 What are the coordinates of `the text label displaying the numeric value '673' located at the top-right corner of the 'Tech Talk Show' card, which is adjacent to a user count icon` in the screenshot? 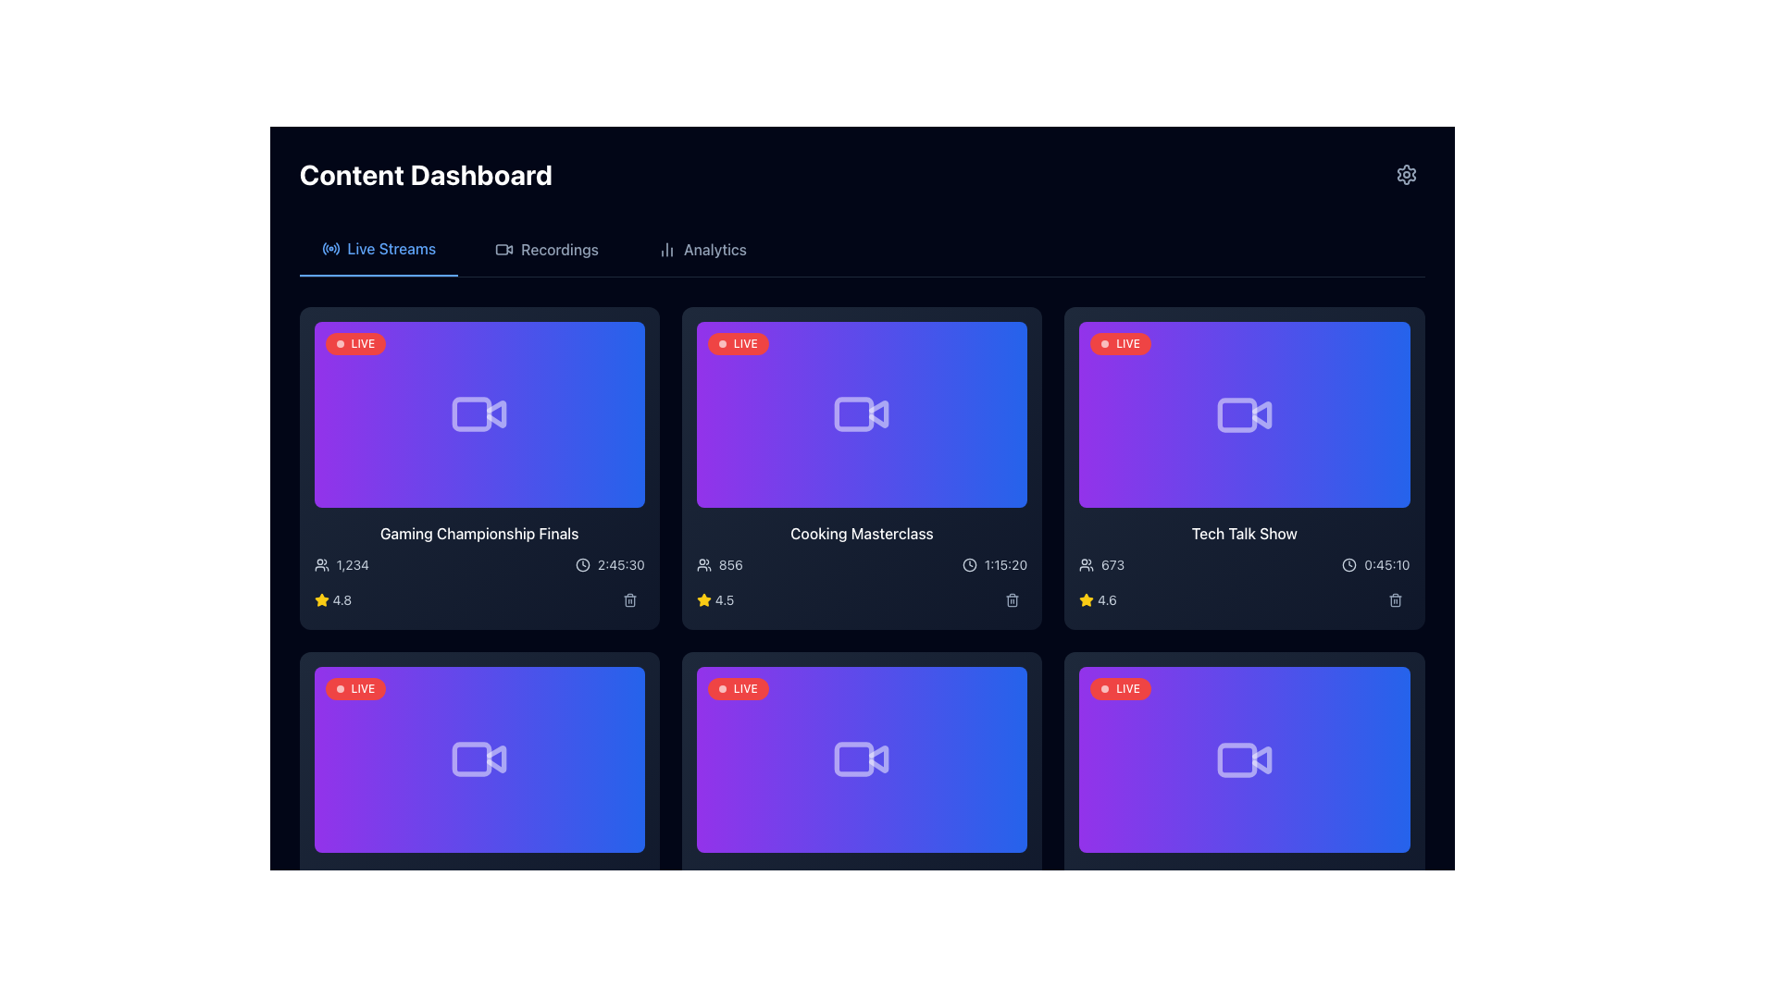 It's located at (1112, 563).